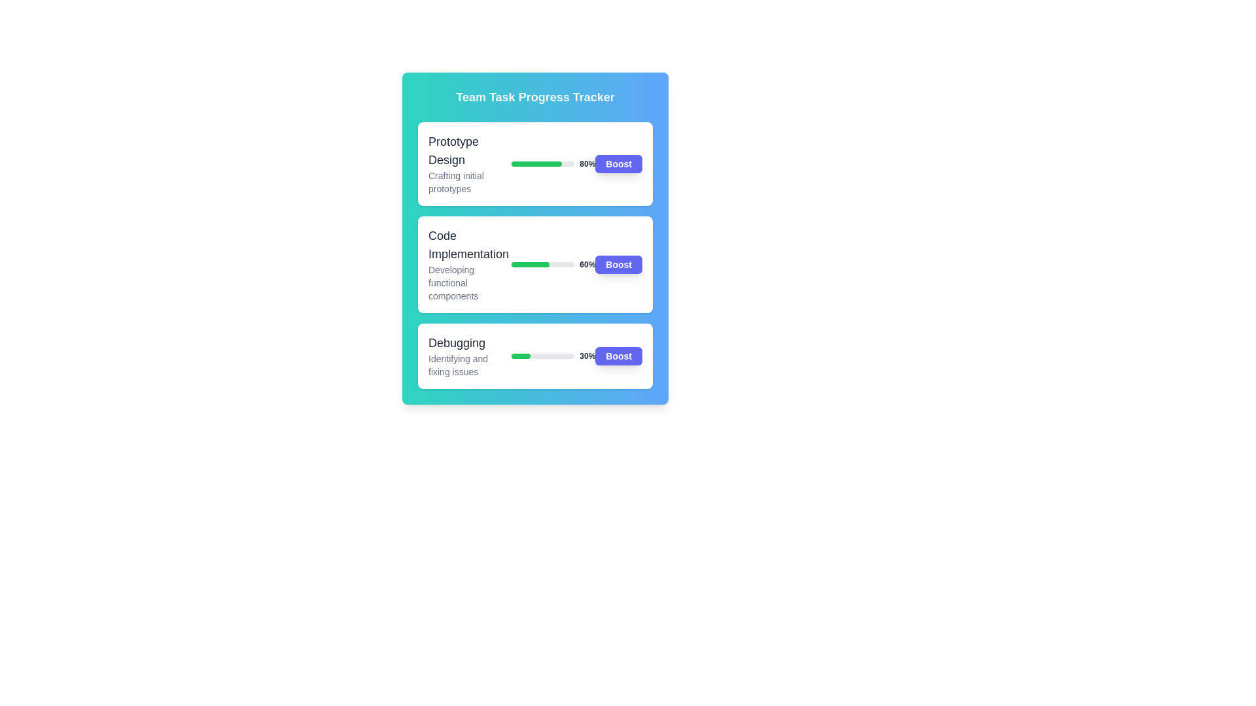 This screenshot has height=706, width=1256. Describe the element at coordinates (587, 265) in the screenshot. I see `displayed text from the progress percentage label located within the second task card (Code Implementation), which is positioned to the right of the green progress bar` at that location.